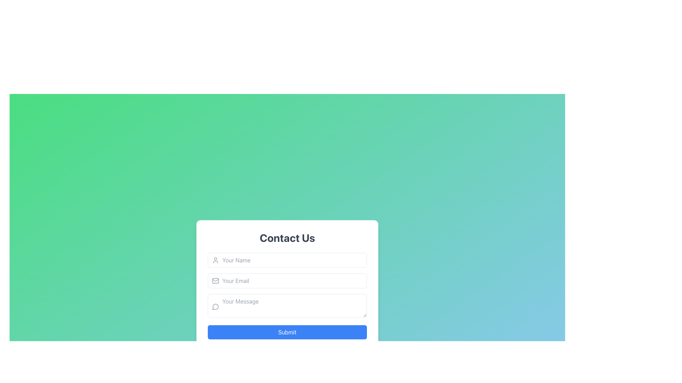 The width and height of the screenshot is (682, 383). Describe the element at coordinates (287, 238) in the screenshot. I see `the heading element displaying 'Contact Us', which is bold and large, positioned at the top of the form section` at that location.